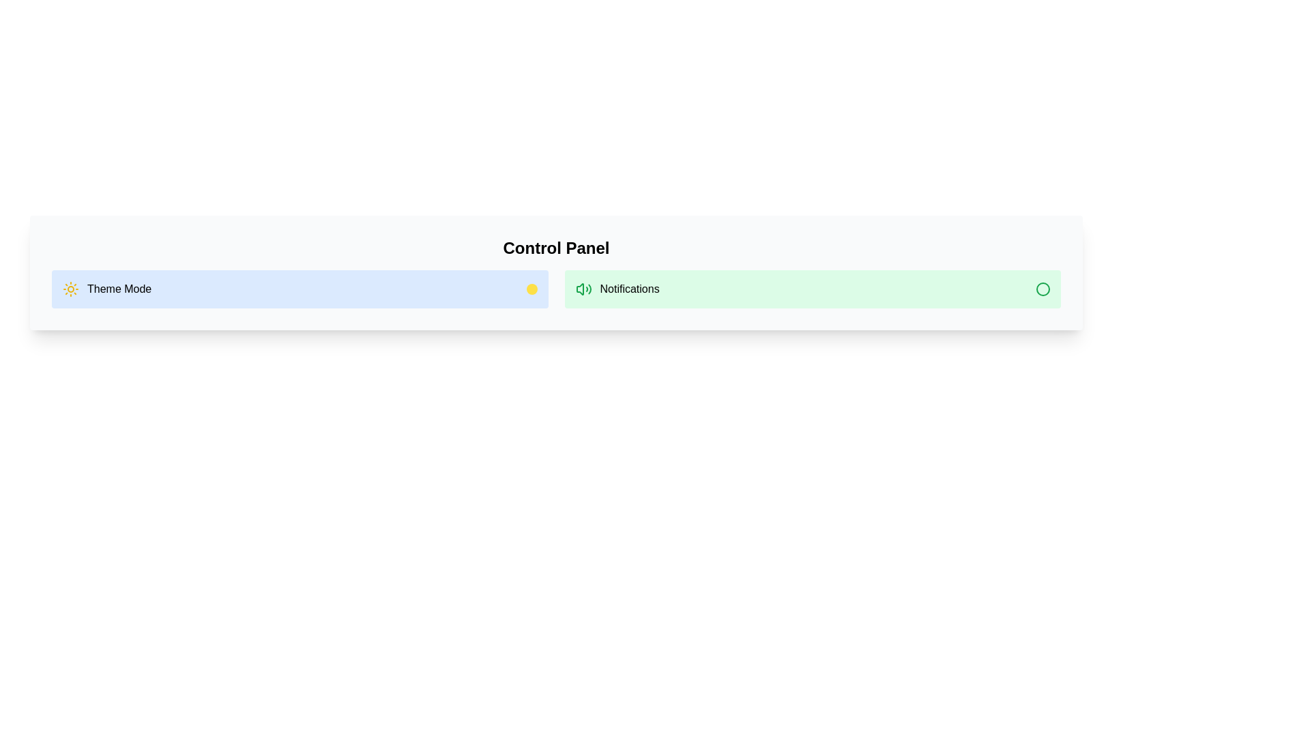  Describe the element at coordinates (119, 289) in the screenshot. I see `the 'Theme Mode' label, which is located within a light blue rectangular section, positioned to the left of a sun icon` at that location.